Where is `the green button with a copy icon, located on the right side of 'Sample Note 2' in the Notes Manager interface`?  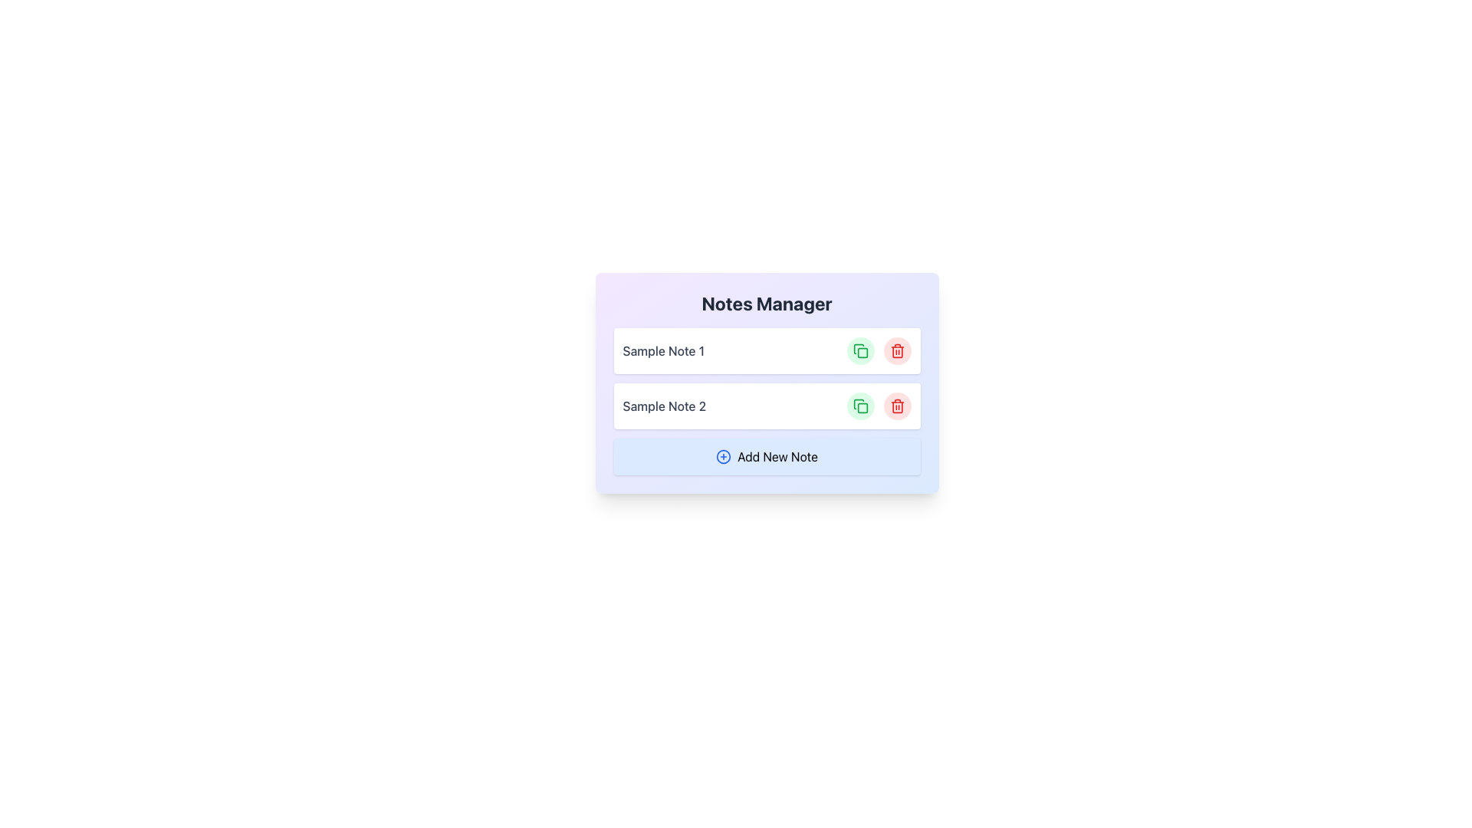 the green button with a copy icon, located on the right side of 'Sample Note 2' in the Notes Manager interface is located at coordinates (879, 405).